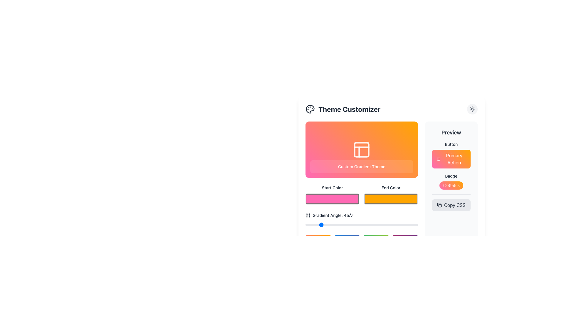 The image size is (564, 317). Describe the element at coordinates (363, 225) in the screenshot. I see `the gradient angle` at that location.